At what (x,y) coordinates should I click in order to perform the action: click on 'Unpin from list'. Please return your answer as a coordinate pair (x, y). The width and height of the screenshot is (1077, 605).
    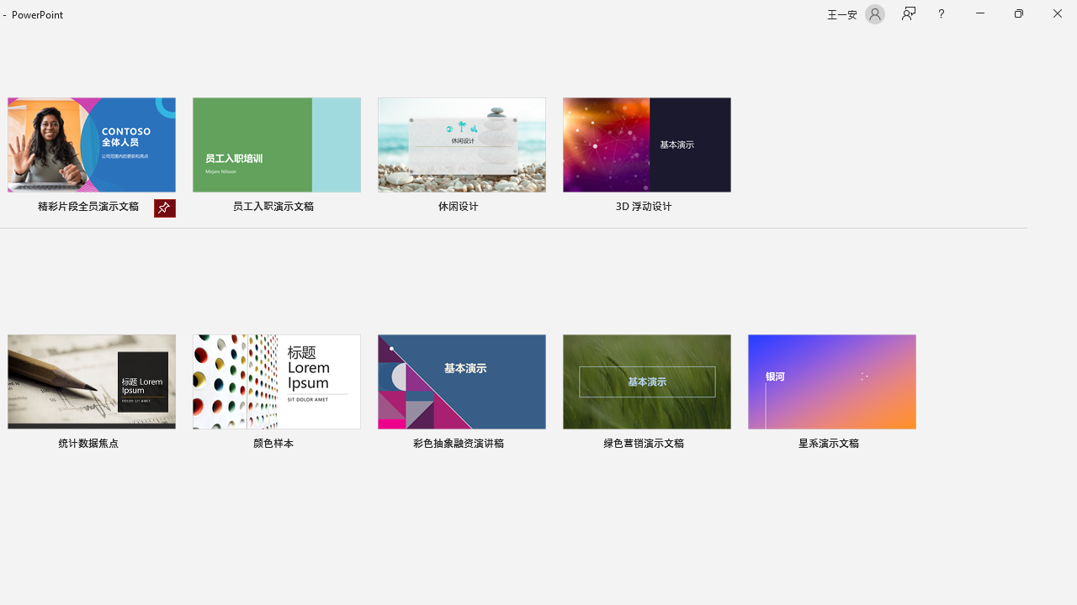
    Looking at the image, I should click on (164, 208).